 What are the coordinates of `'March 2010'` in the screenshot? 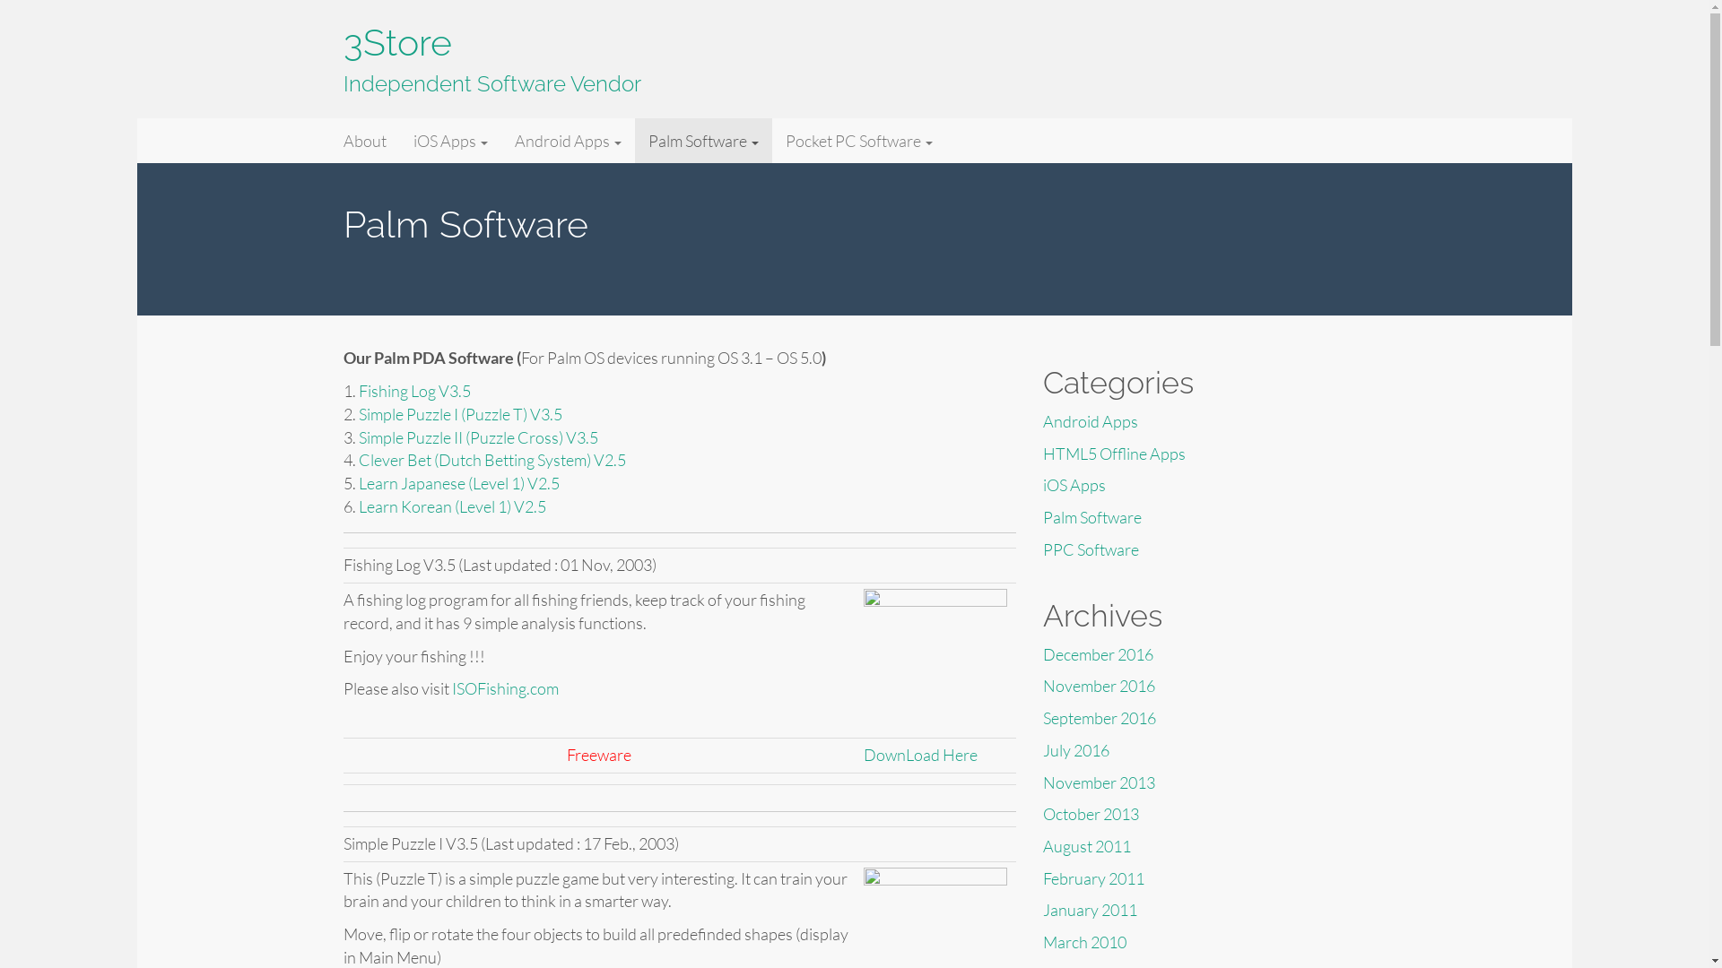 It's located at (1083, 940).